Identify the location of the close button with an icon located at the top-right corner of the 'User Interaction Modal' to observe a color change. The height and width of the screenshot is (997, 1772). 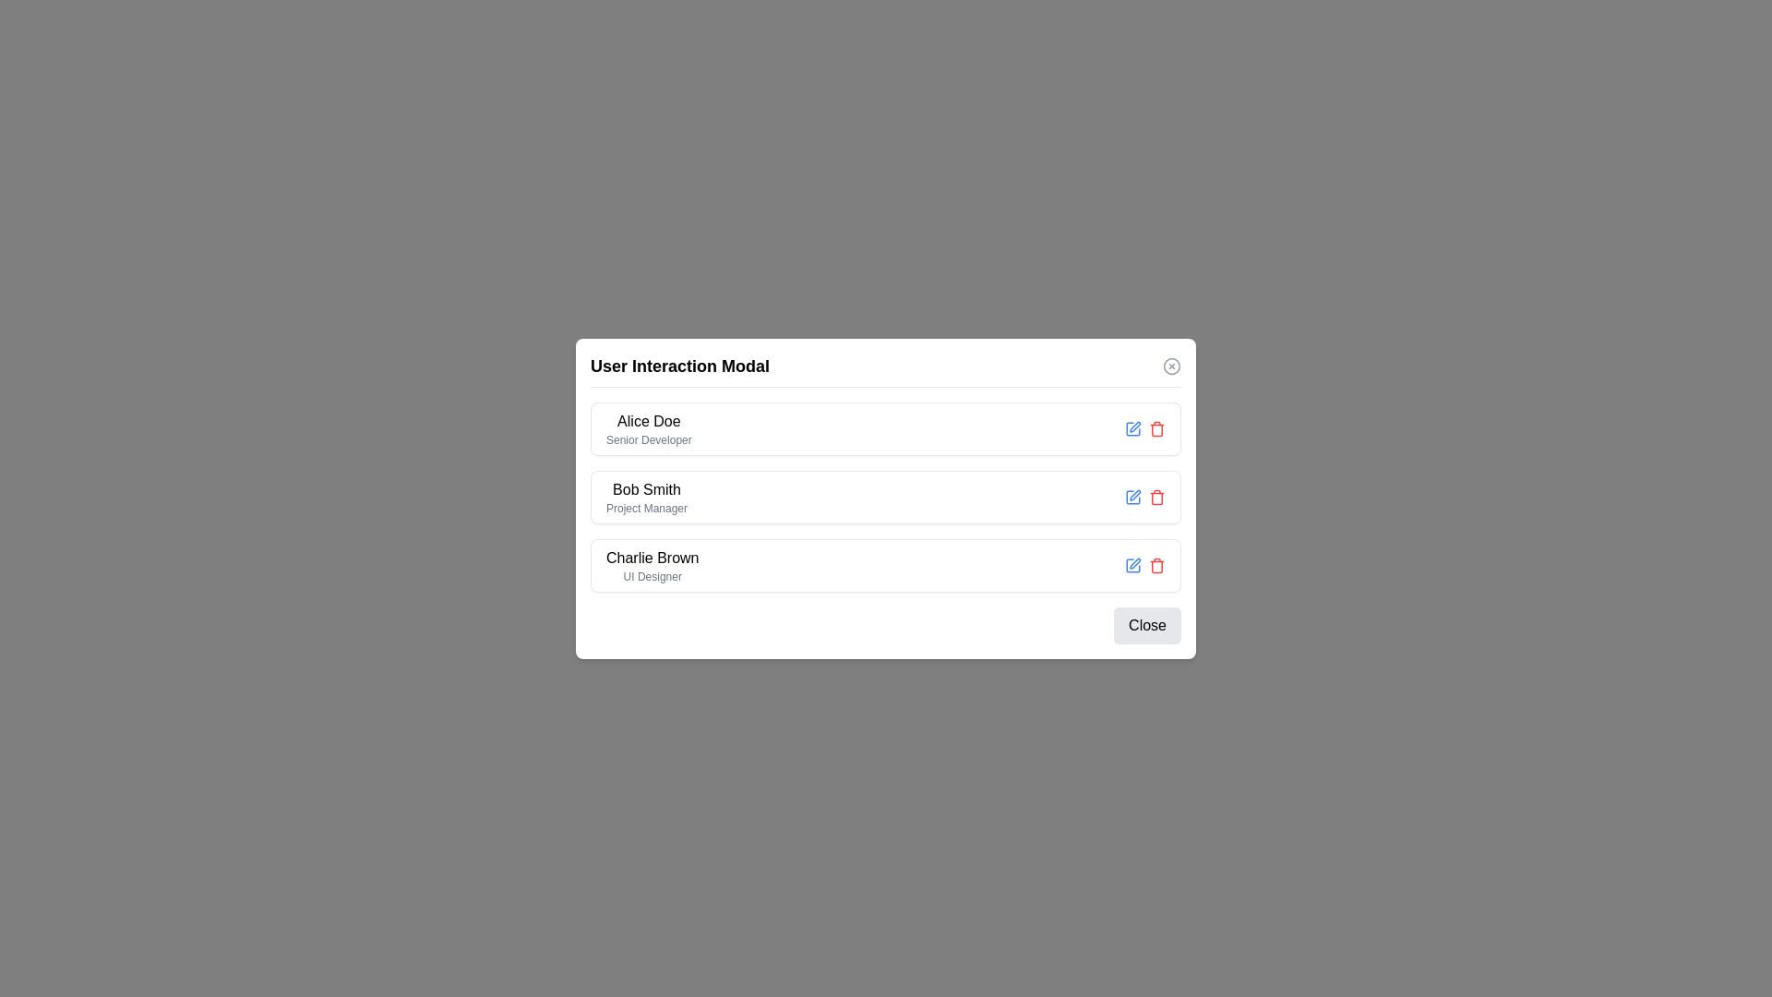
(1171, 366).